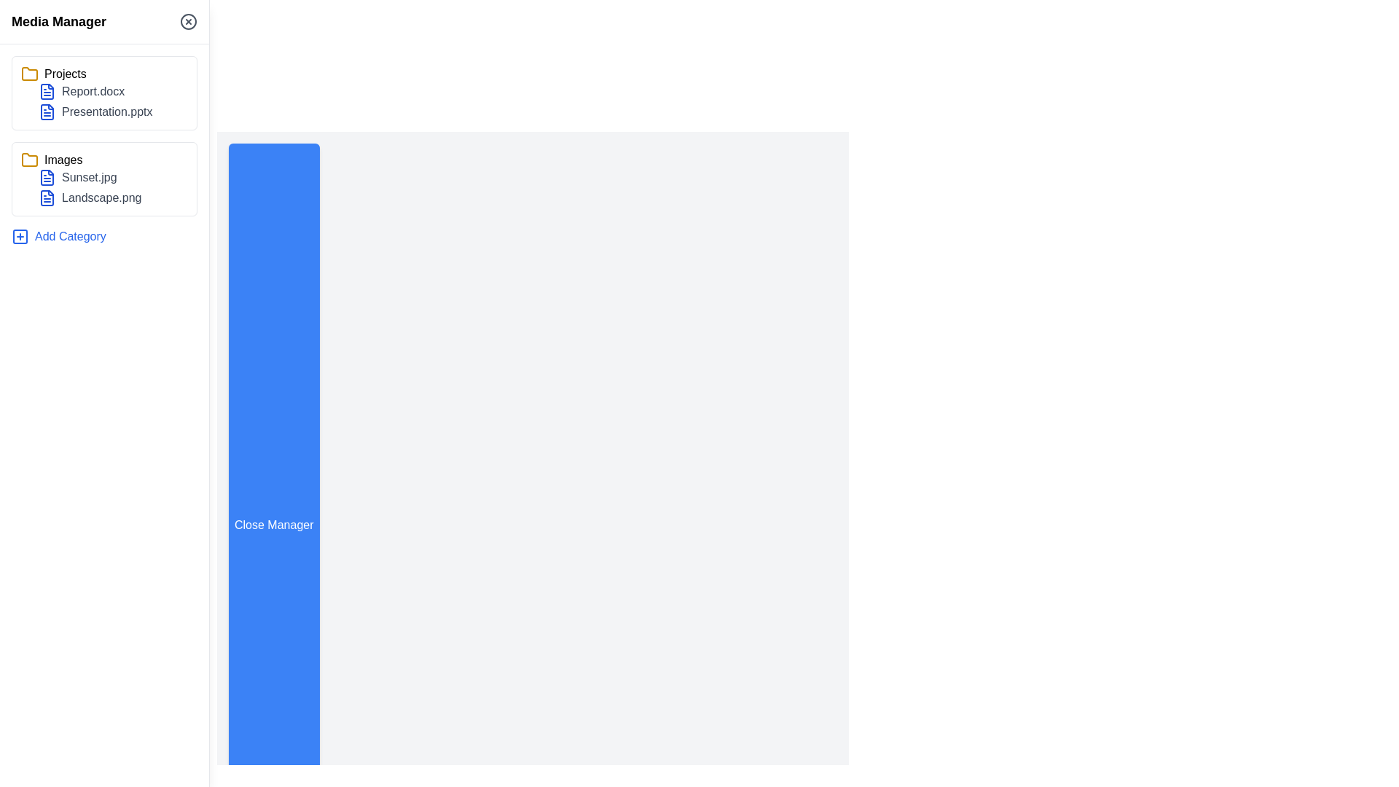  Describe the element at coordinates (47, 198) in the screenshot. I see `the blue outlined document icon next to the 'Landscape.png' text in the media manager under the 'Images' section` at that location.